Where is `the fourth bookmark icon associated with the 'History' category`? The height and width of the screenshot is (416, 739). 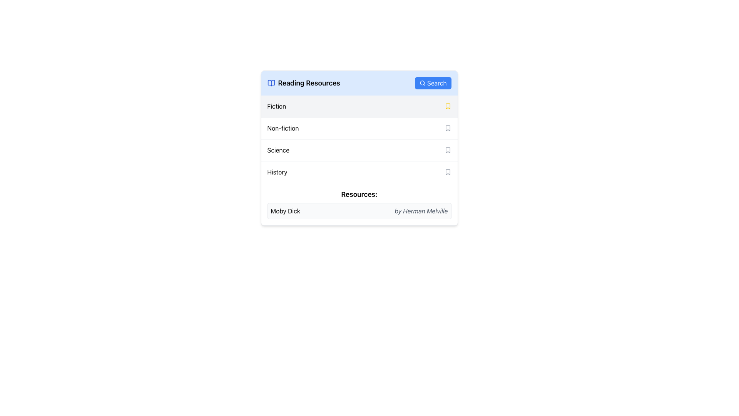
the fourth bookmark icon associated with the 'History' category is located at coordinates (448, 172).